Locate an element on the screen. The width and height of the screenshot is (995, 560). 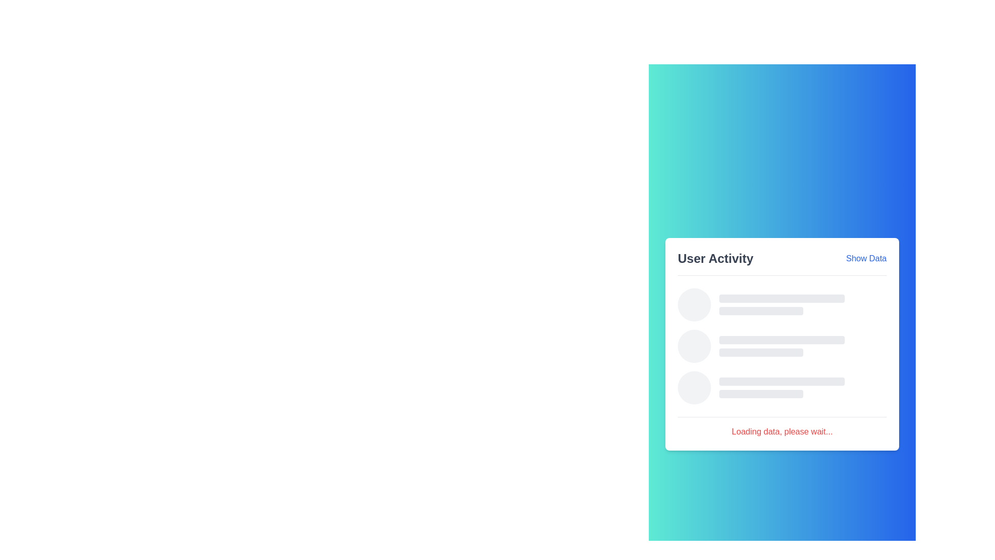
the graphical placeholder that represents a user profile picture in the lower left section of the 'User Activity' card is located at coordinates (694, 388).